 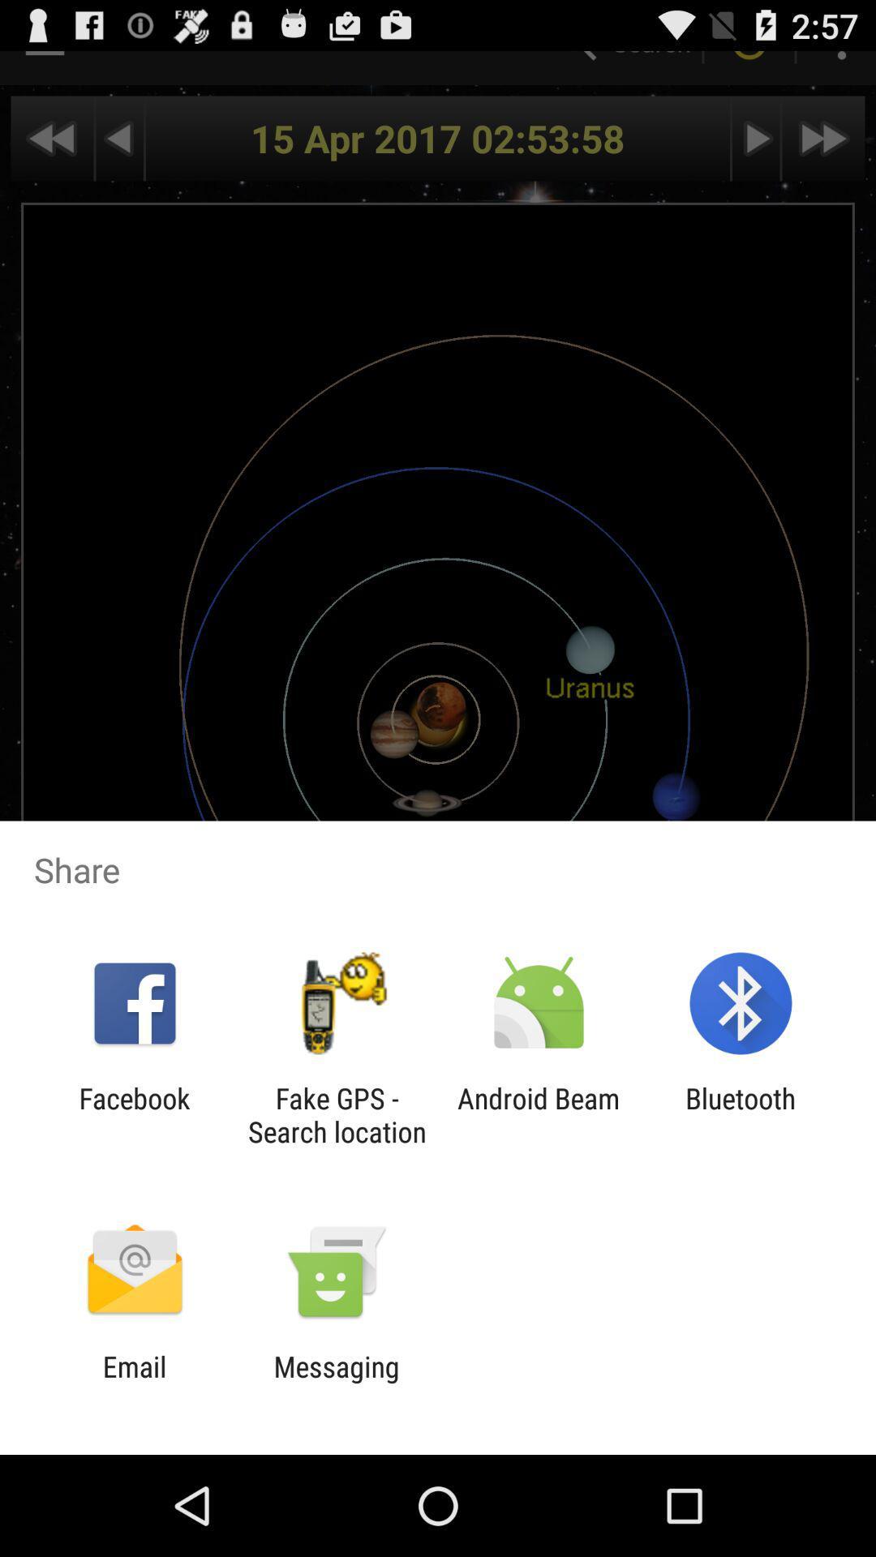 I want to click on messaging, so click(x=336, y=1383).